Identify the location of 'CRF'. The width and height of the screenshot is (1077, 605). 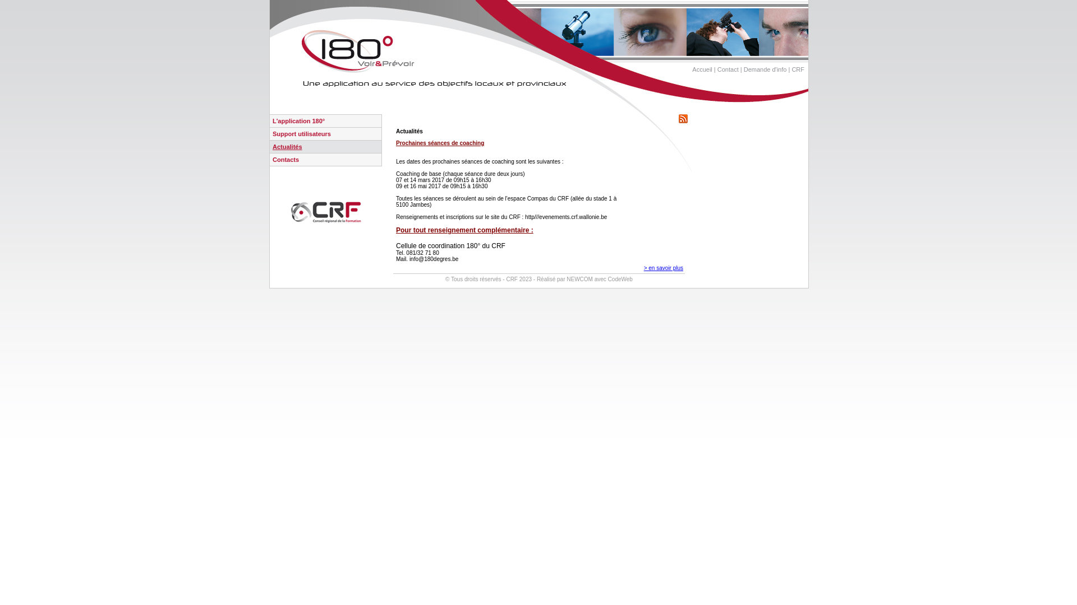
(797, 69).